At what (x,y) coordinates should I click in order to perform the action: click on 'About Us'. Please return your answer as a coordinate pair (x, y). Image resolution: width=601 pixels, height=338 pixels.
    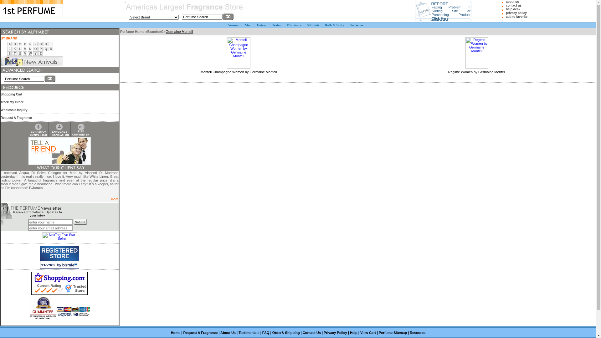
    Looking at the image, I should click on (228, 332).